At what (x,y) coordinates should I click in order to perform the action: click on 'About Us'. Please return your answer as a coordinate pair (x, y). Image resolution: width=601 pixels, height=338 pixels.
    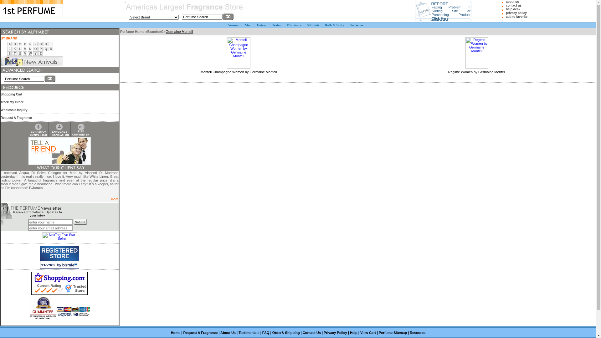
    Looking at the image, I should click on (228, 332).